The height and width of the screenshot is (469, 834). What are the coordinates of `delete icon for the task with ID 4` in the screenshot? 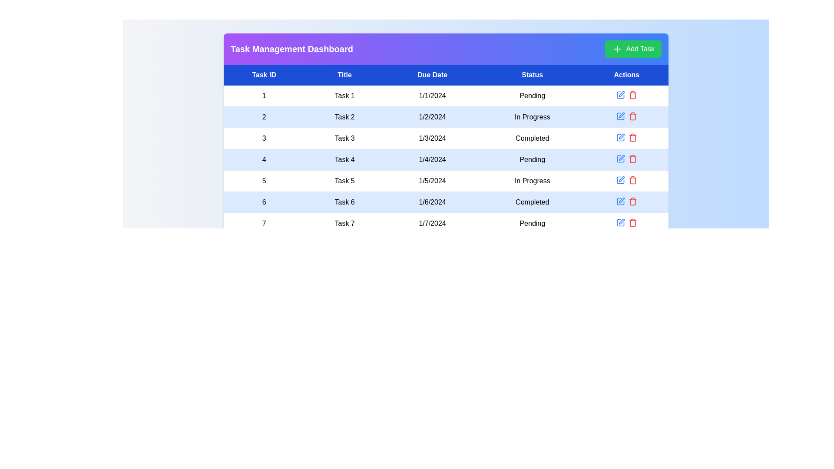 It's located at (632, 159).